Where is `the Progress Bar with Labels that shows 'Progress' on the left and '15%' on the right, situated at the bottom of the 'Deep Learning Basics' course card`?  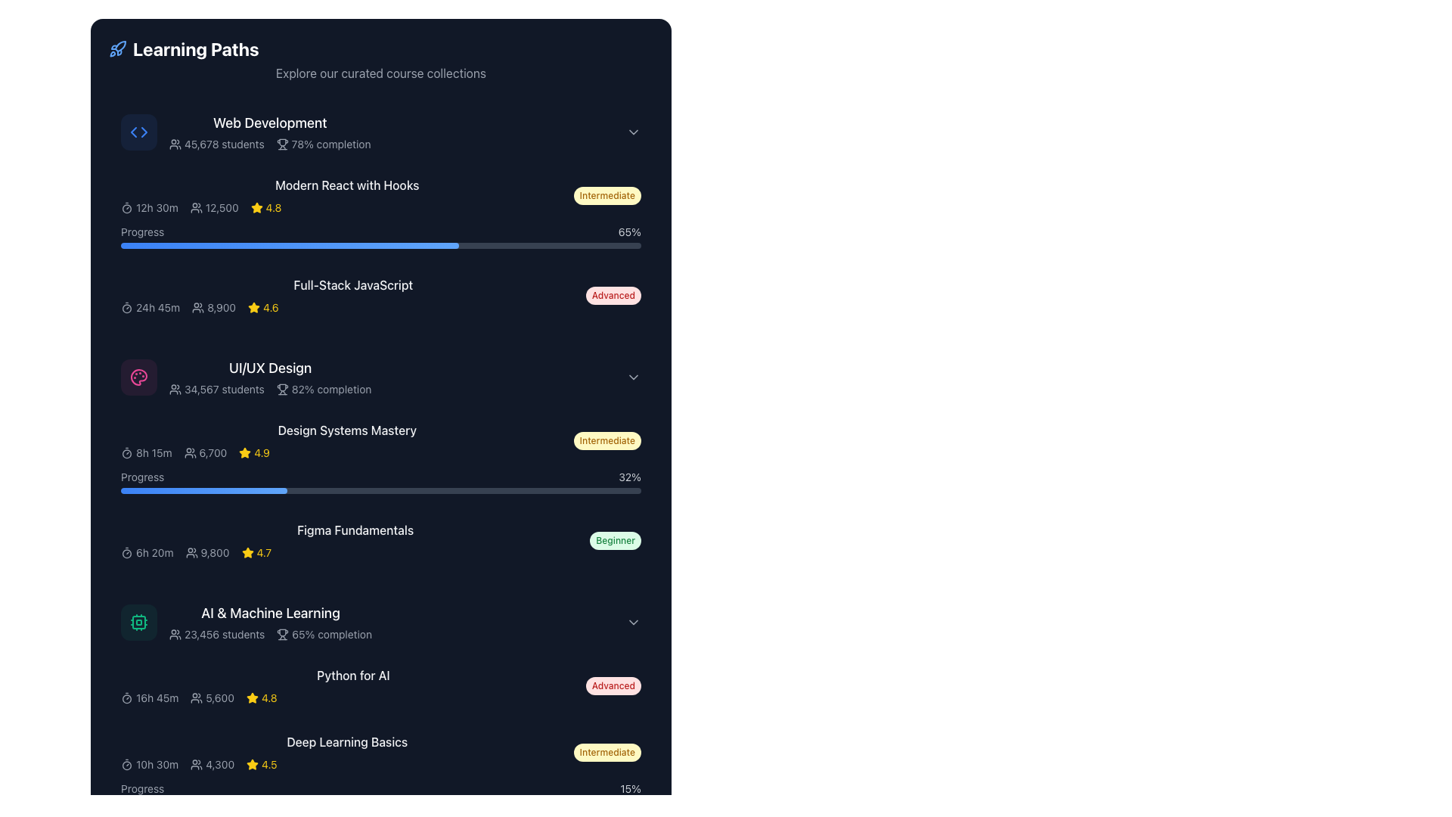
the Progress Bar with Labels that shows 'Progress' on the left and '15%' on the right, situated at the bottom of the 'Deep Learning Basics' course card is located at coordinates (381, 793).